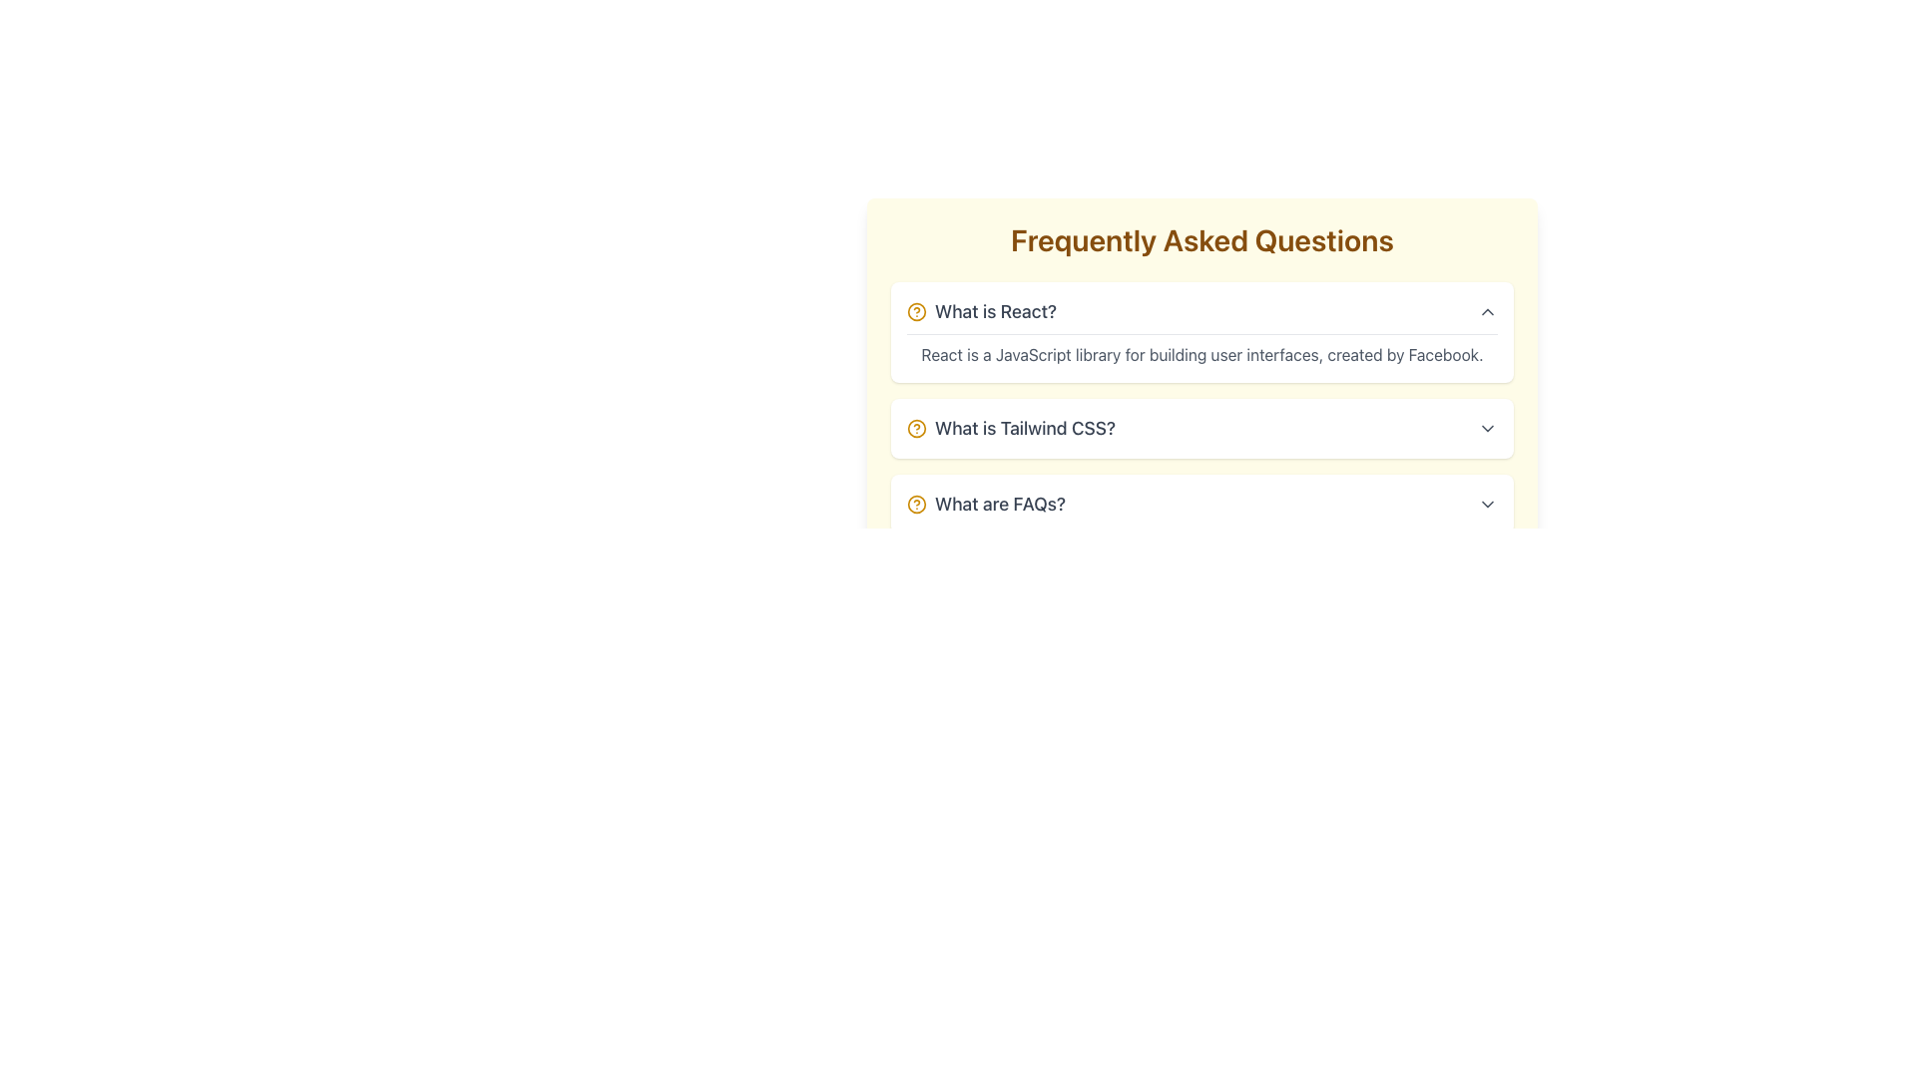 This screenshot has width=1916, height=1077. Describe the element at coordinates (1200, 427) in the screenshot. I see `the Accordion Header for the second FAQ entry, enabling keyboard navigation` at that location.